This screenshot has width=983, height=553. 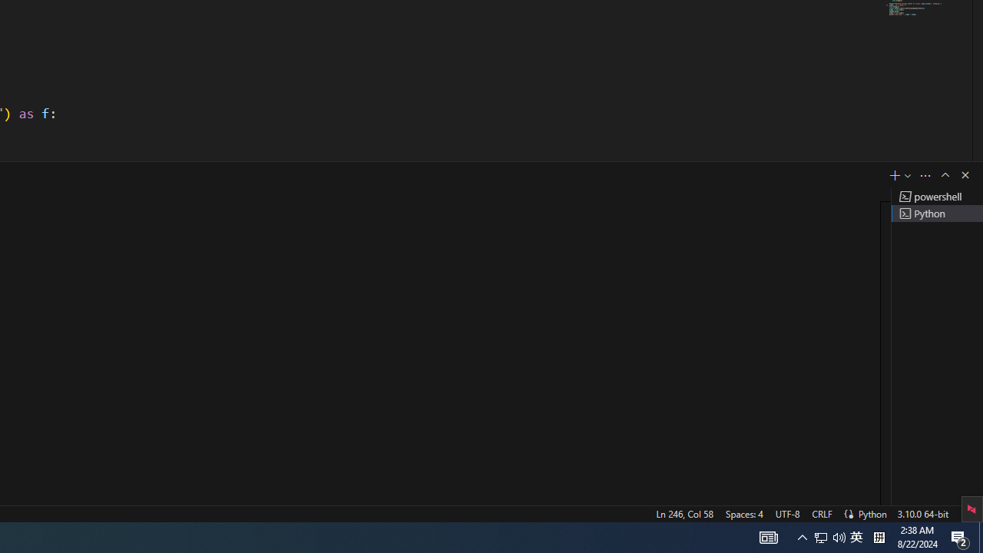 I want to click on 'UTF-8', so click(x=787, y=513).